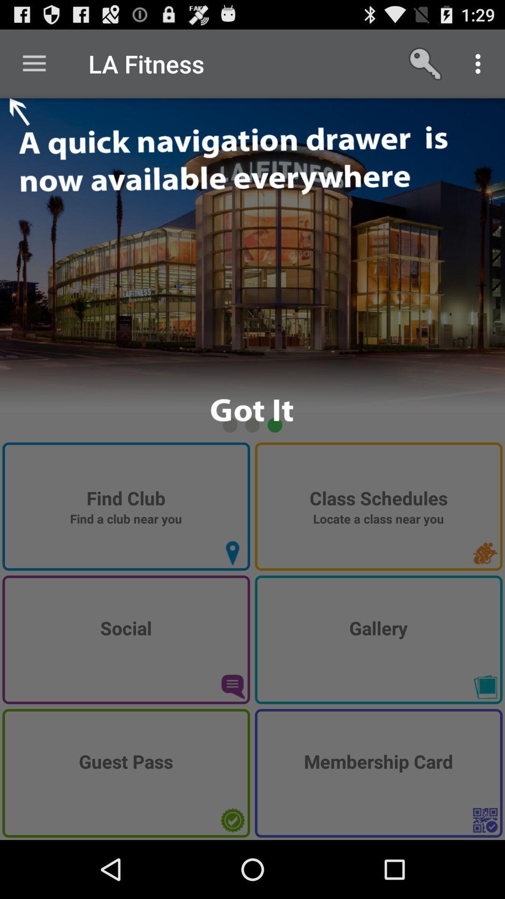  I want to click on the item next to the la fitness item, so click(426, 63).